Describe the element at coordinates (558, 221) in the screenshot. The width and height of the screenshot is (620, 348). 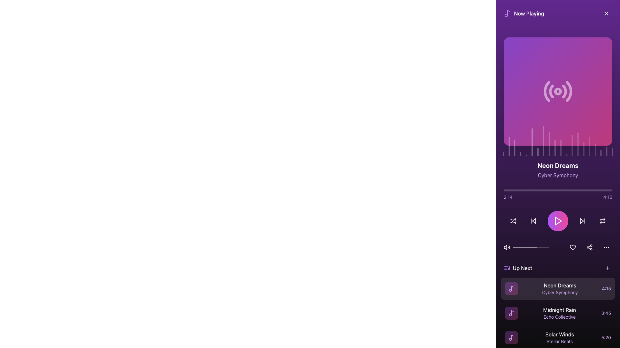
I see `the play control button, which is an icon within a circle located in the lower-central section of the media player interface` at that location.